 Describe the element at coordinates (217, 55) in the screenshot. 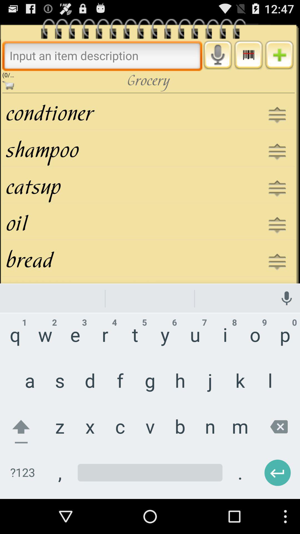

I see `open voice recorder` at that location.